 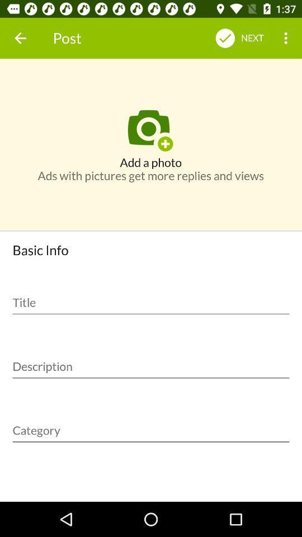 I want to click on the item next to the post, so click(x=20, y=38).